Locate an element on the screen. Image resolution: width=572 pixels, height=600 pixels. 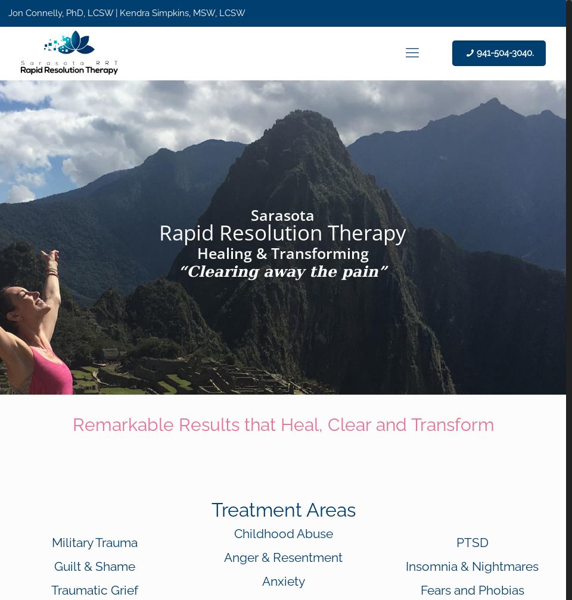
'Traumatic Grief' is located at coordinates (94, 590).